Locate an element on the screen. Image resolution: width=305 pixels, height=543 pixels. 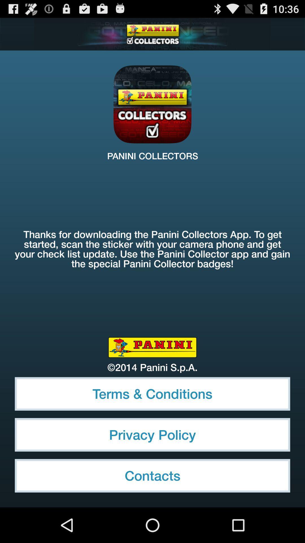
the privacy policy item is located at coordinates (152, 434).